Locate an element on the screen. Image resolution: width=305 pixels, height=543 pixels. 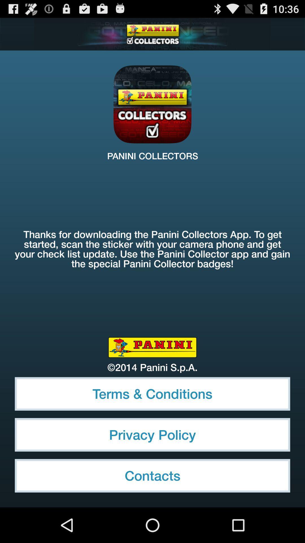
the privacy policy item is located at coordinates (152, 434).